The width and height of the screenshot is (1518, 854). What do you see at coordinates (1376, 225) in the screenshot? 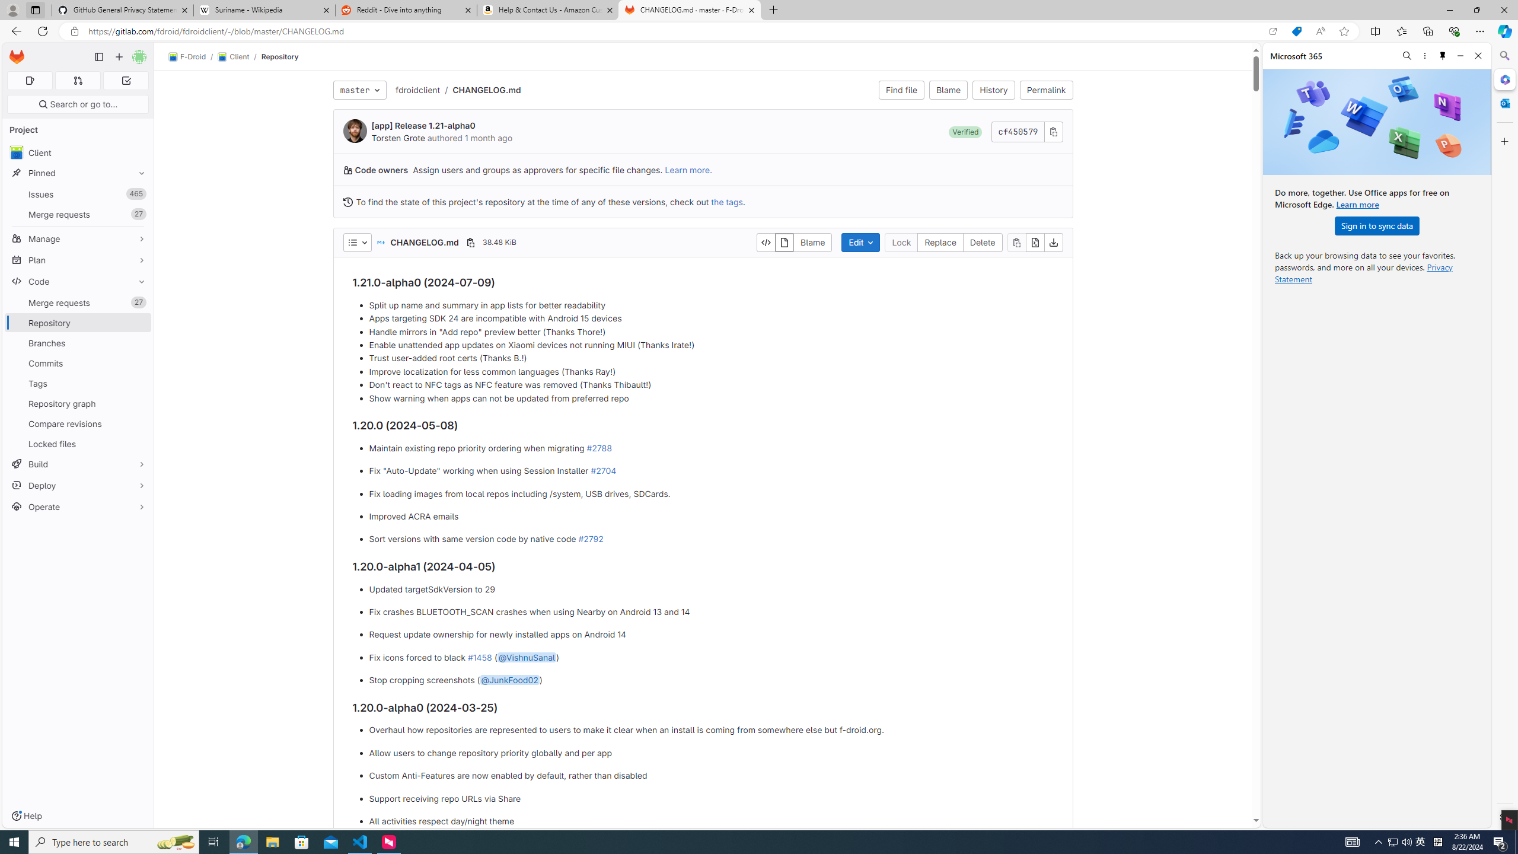
I see `'Sign in to sync data'` at bounding box center [1376, 225].